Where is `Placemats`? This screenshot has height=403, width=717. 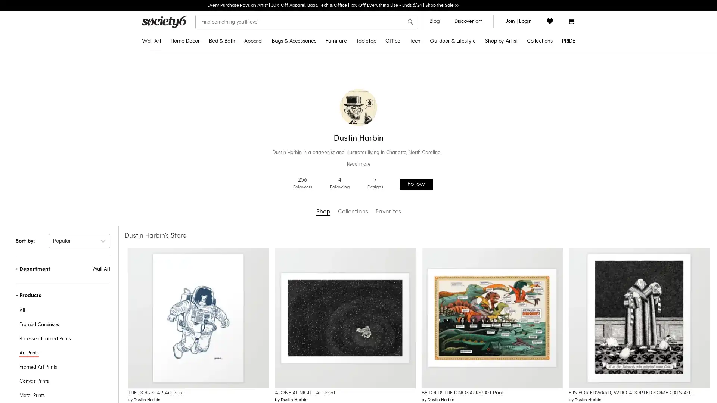
Placemats is located at coordinates (380, 108).